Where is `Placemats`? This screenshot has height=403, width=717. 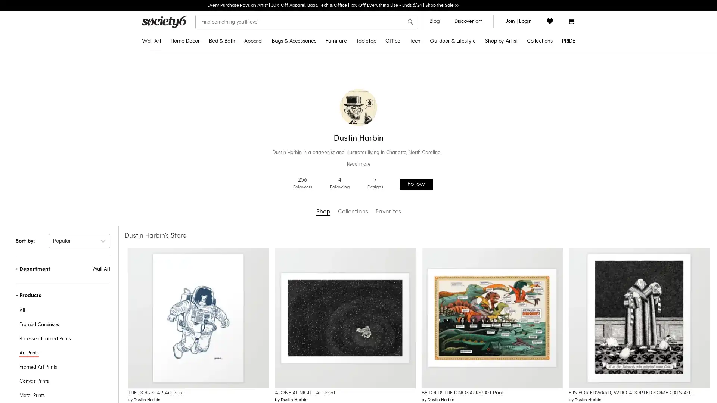
Placemats is located at coordinates (380, 108).